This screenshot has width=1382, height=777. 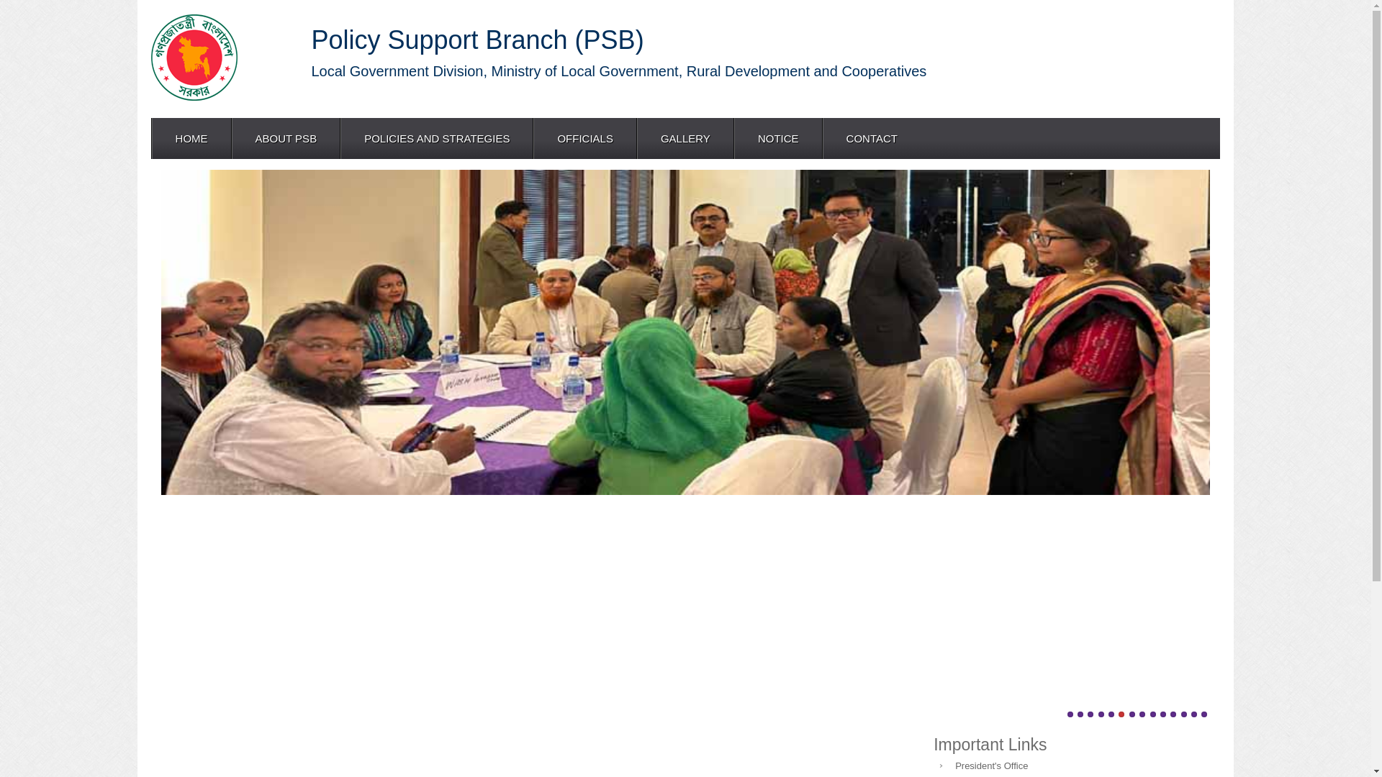 What do you see at coordinates (1184, 714) in the screenshot?
I see `'12'` at bounding box center [1184, 714].